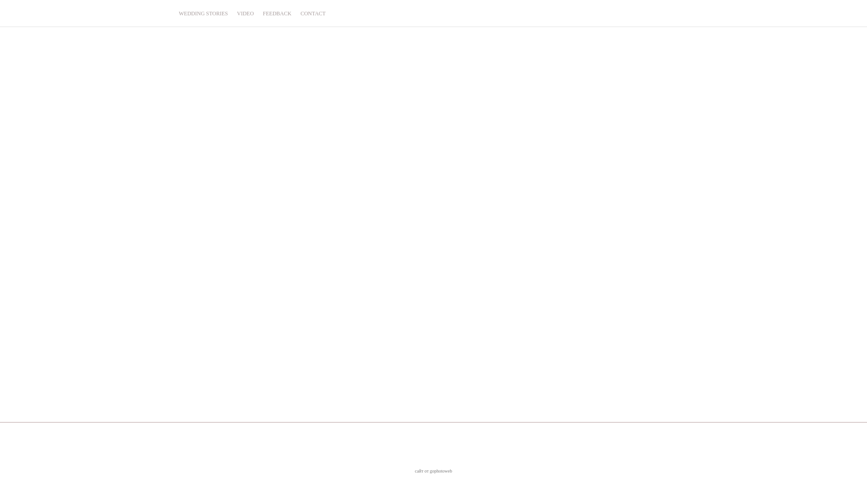 The height and width of the screenshot is (487, 867). What do you see at coordinates (300, 13) in the screenshot?
I see `'CONTACT'` at bounding box center [300, 13].